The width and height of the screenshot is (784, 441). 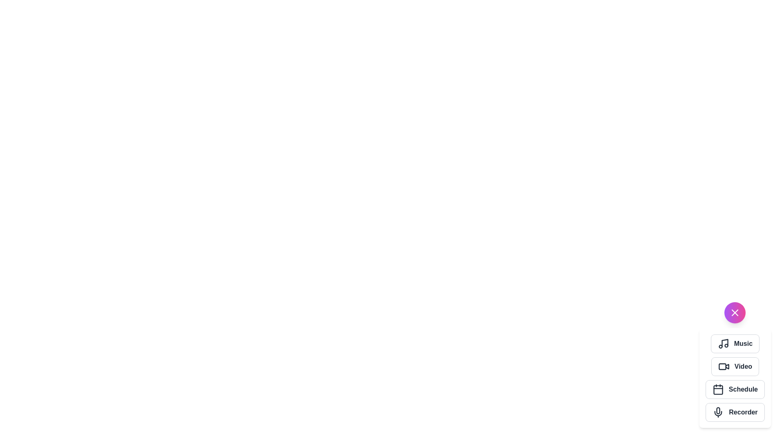 I want to click on the 'Recorder' button to select the Recorder action, so click(x=735, y=412).